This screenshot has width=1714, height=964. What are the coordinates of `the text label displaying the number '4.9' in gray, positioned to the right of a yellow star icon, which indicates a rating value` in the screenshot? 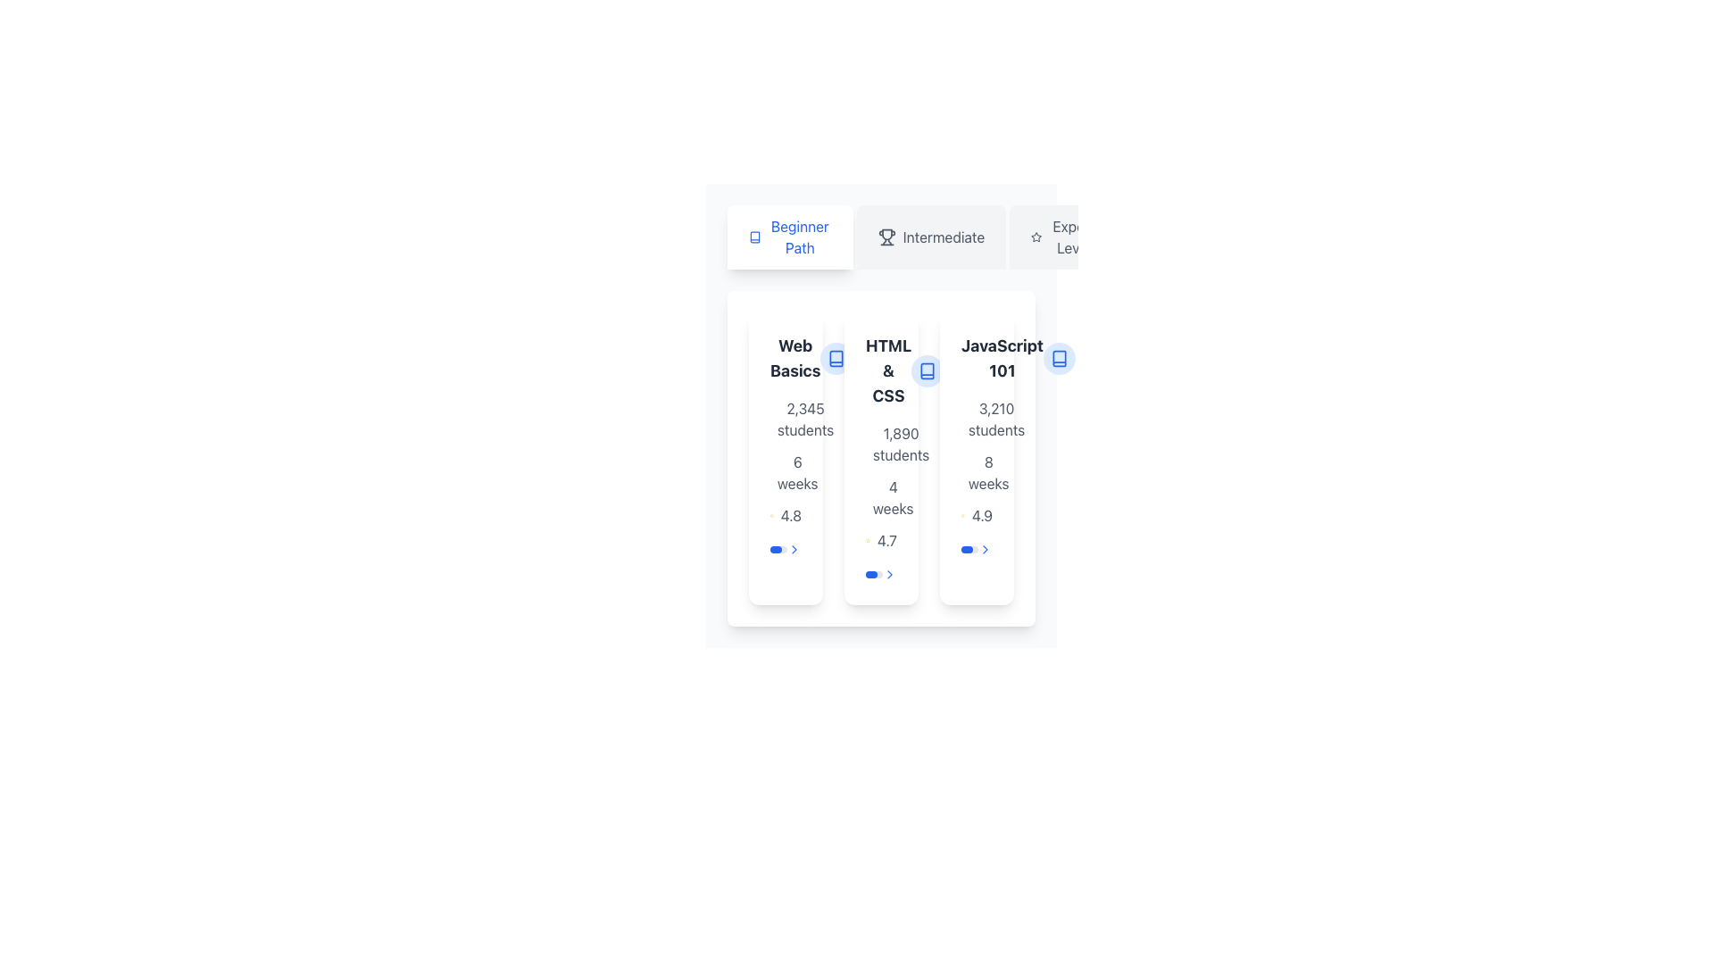 It's located at (981, 516).